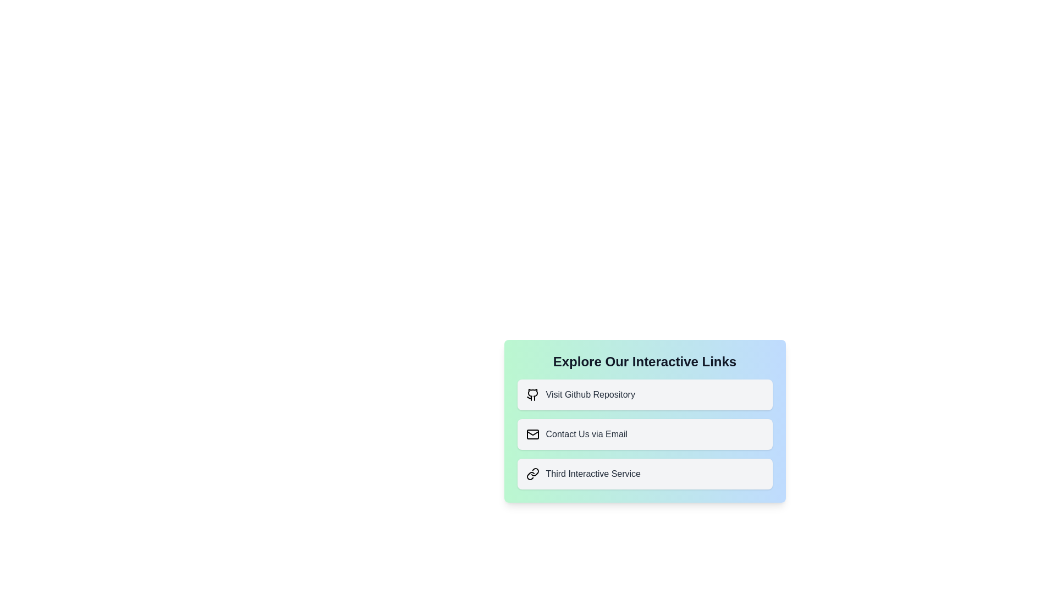 This screenshot has width=1056, height=594. What do you see at coordinates (645, 394) in the screenshot?
I see `the 'Visit Github Repository' text block with GitHub icon for keyboard navigation` at bounding box center [645, 394].